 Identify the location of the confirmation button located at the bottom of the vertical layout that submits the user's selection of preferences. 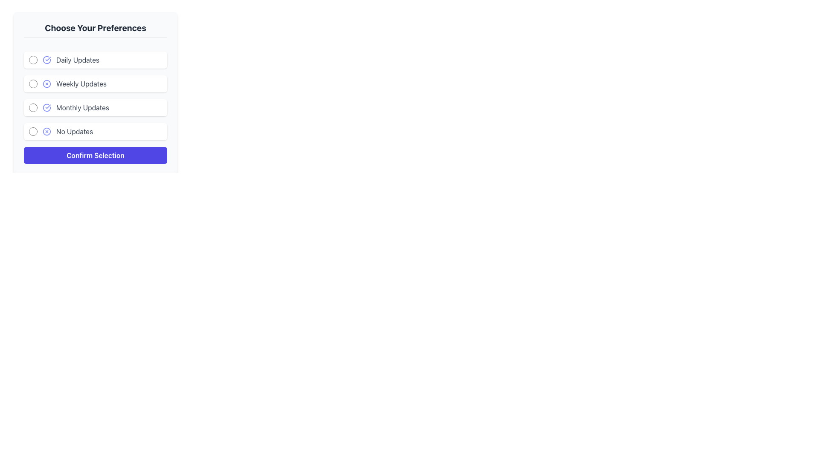
(96, 155).